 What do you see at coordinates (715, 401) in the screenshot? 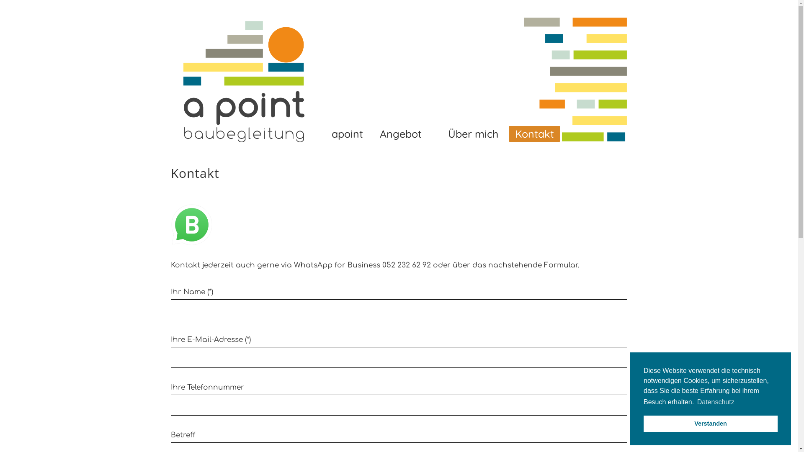
I see `'Datenschutz'` at bounding box center [715, 401].